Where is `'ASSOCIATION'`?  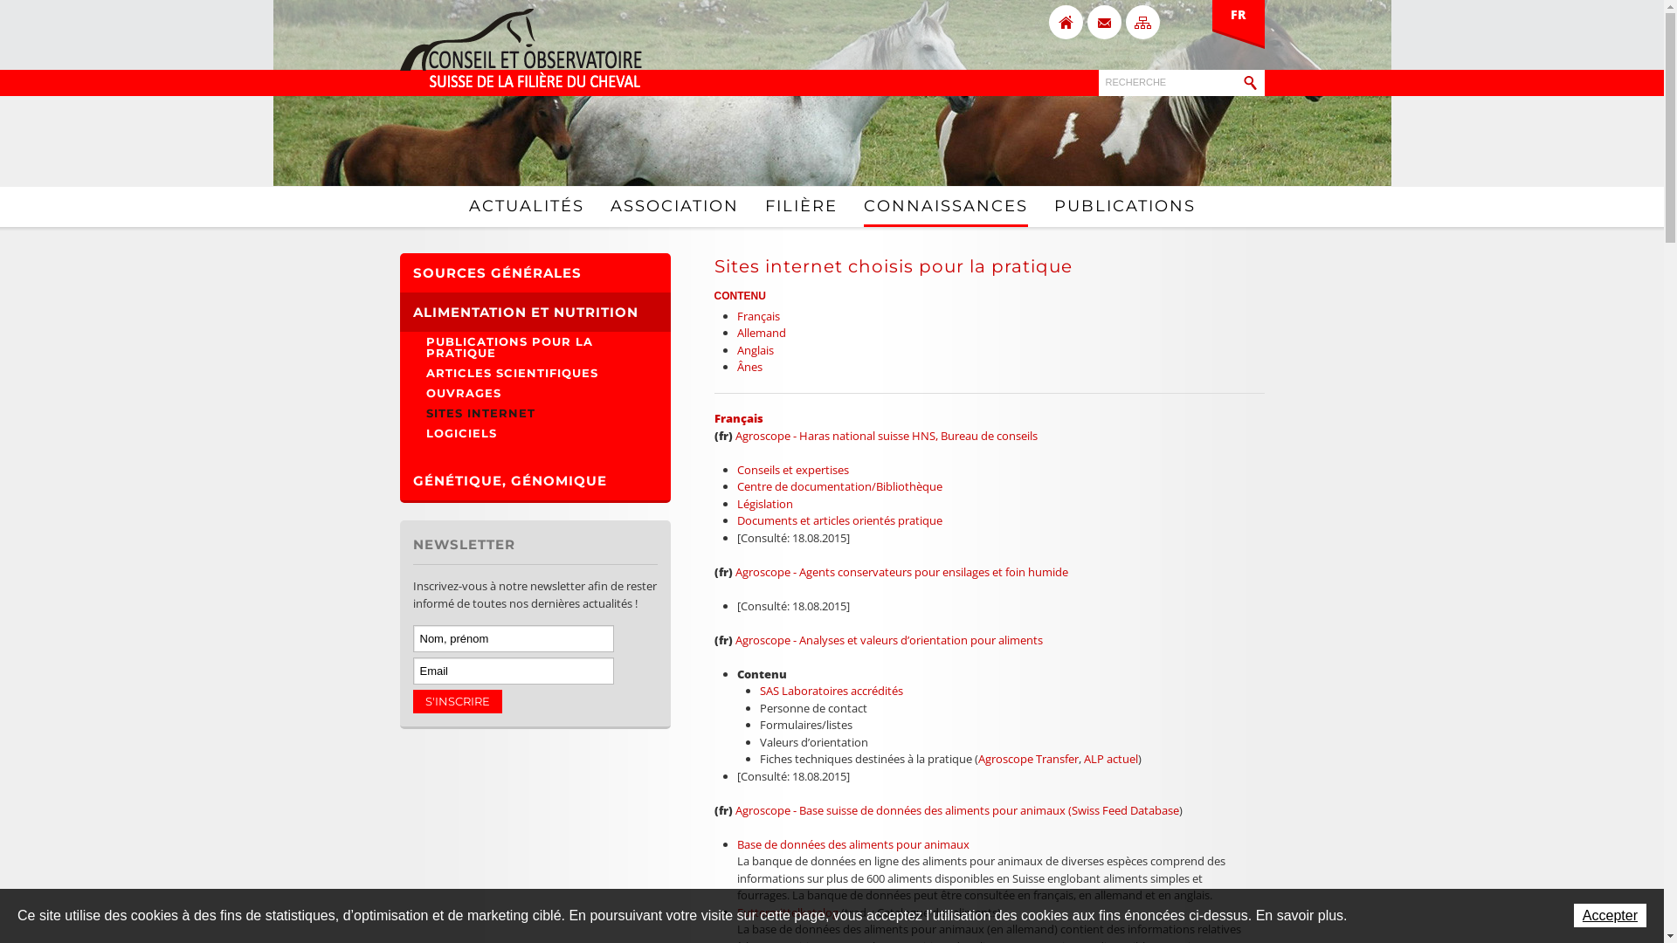
'ASSOCIATION' is located at coordinates (609, 204).